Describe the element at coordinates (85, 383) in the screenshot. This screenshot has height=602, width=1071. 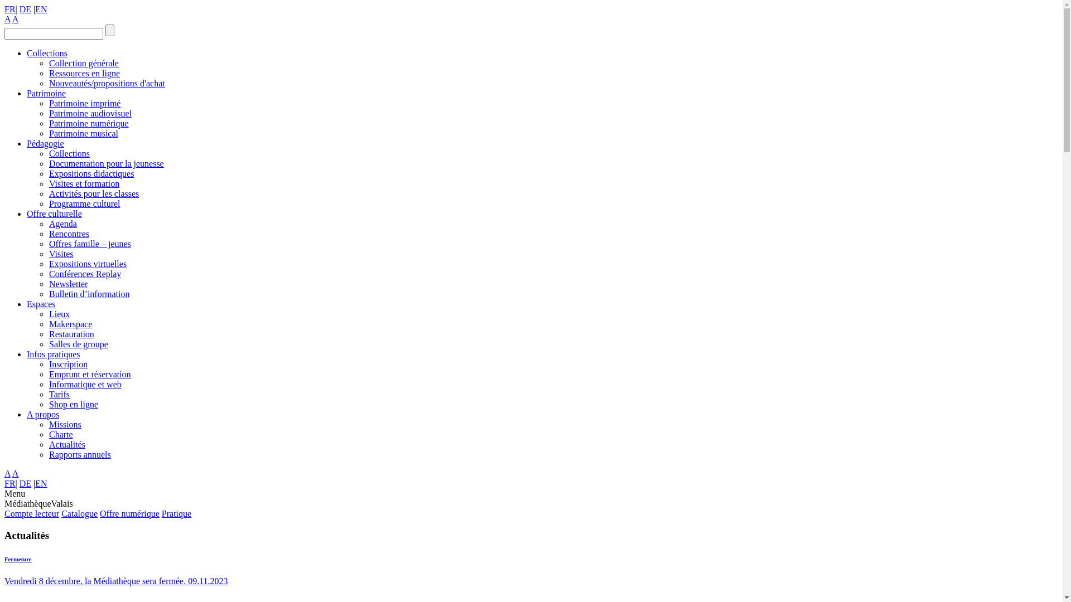
I see `'Informatique et web'` at that location.